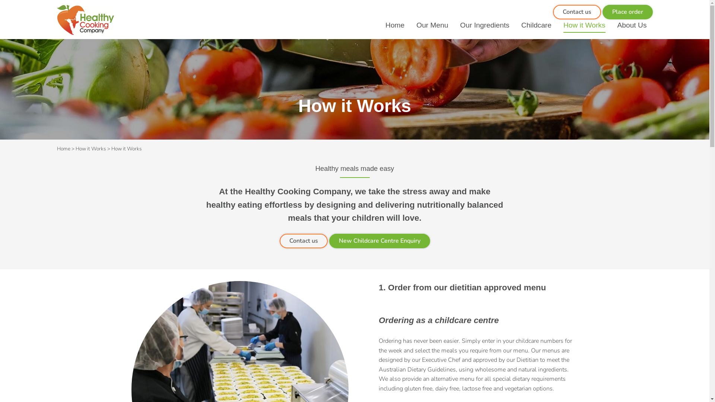 The image size is (715, 402). I want to click on 'Our Menu', so click(416, 25).